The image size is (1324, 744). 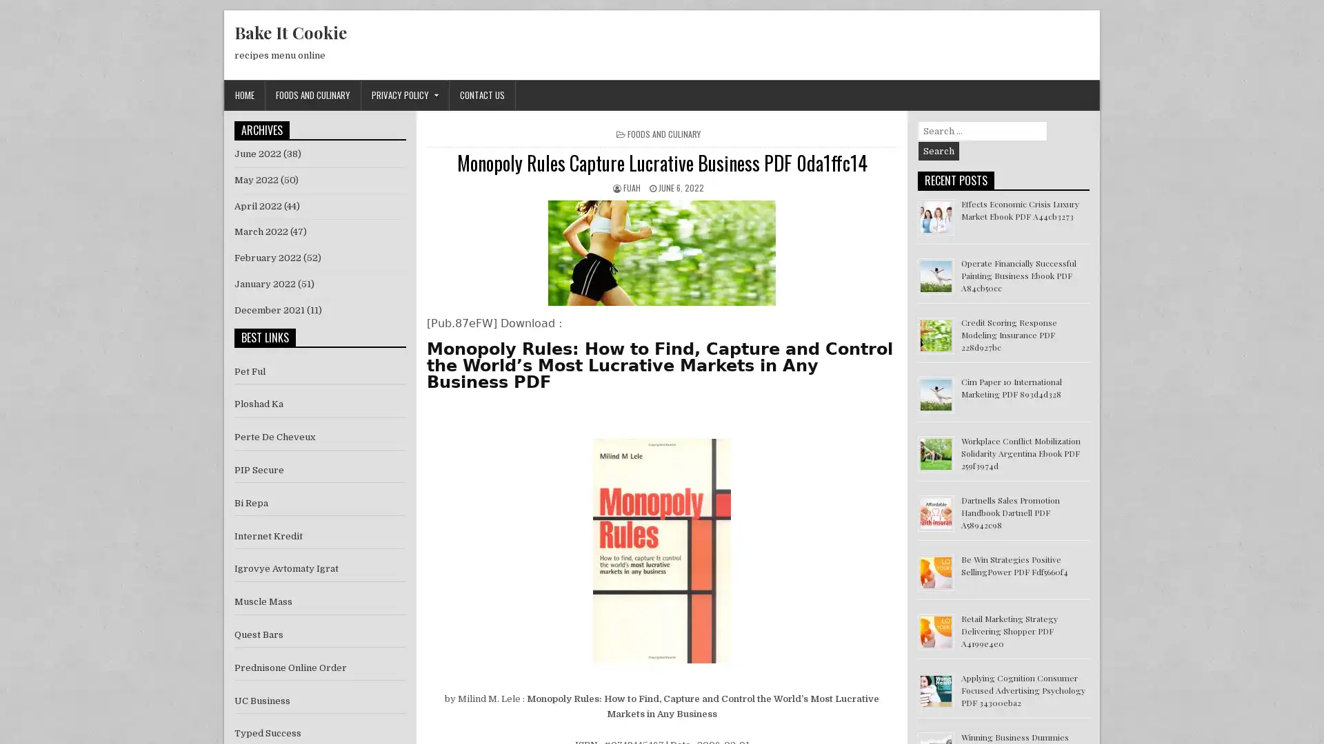 I want to click on Search, so click(x=938, y=151).